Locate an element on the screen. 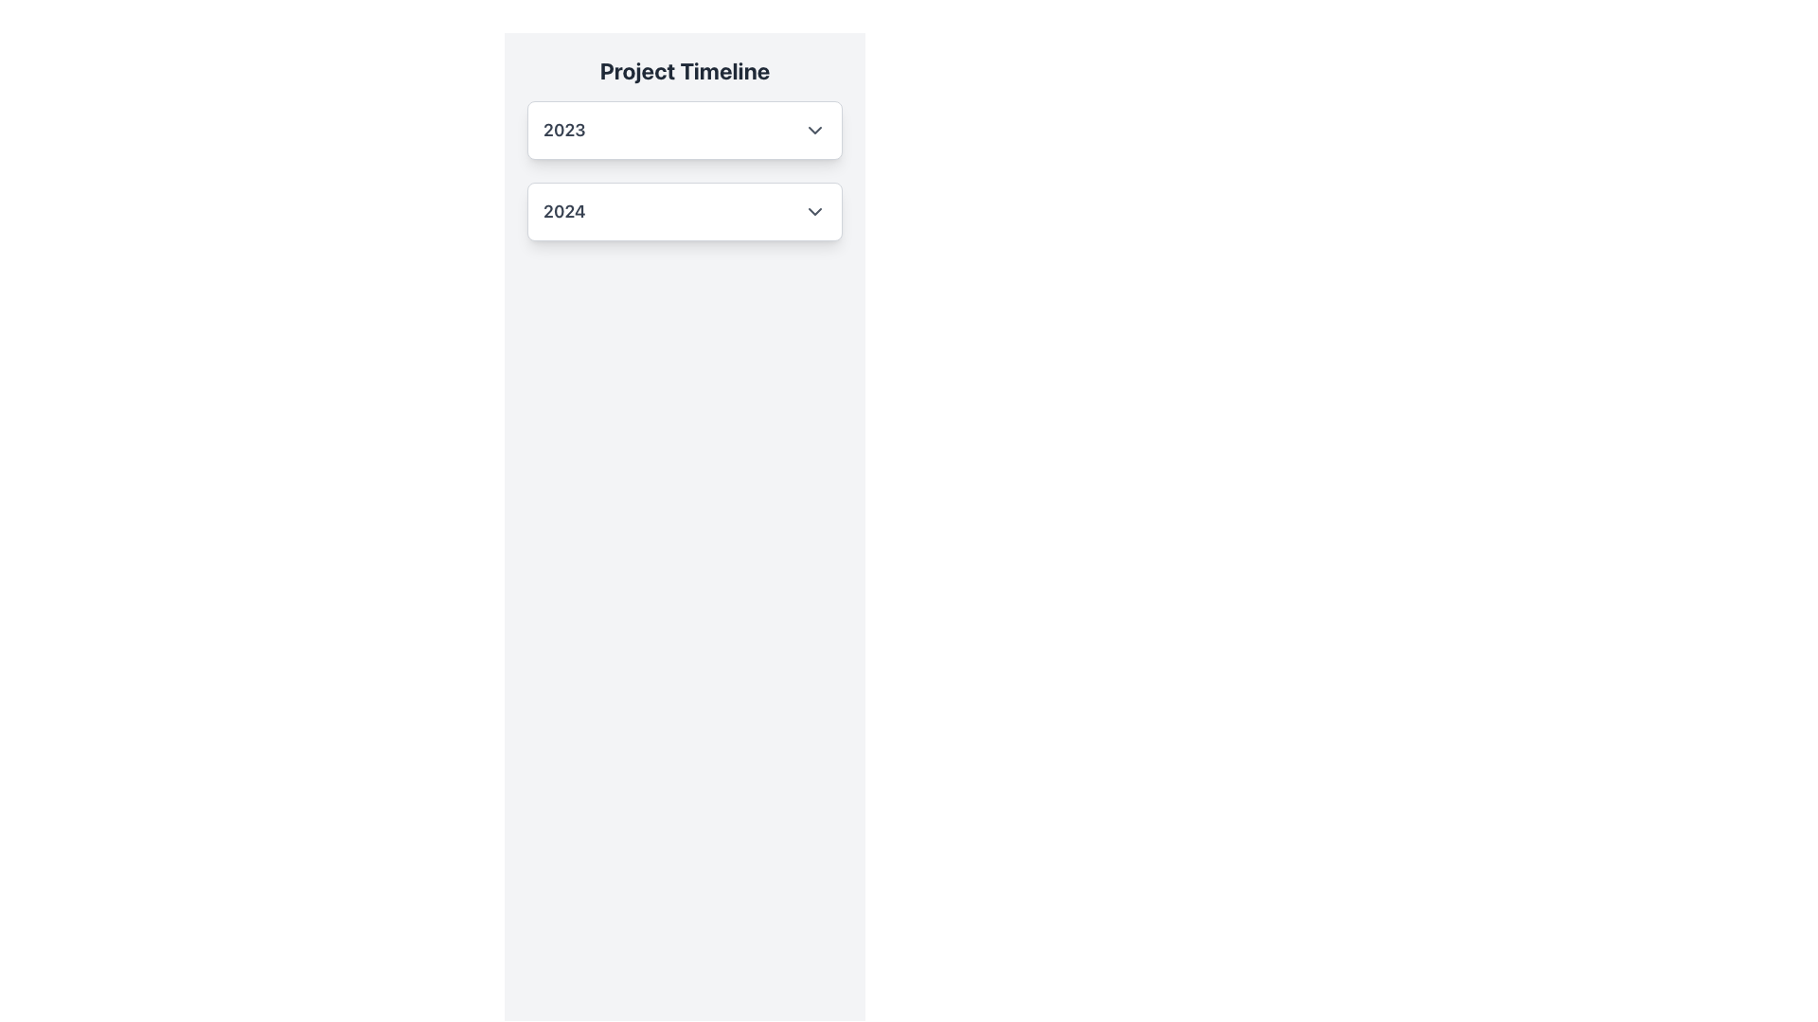 The width and height of the screenshot is (1818, 1022). the dropdown option displaying '2024' is located at coordinates (684, 211).